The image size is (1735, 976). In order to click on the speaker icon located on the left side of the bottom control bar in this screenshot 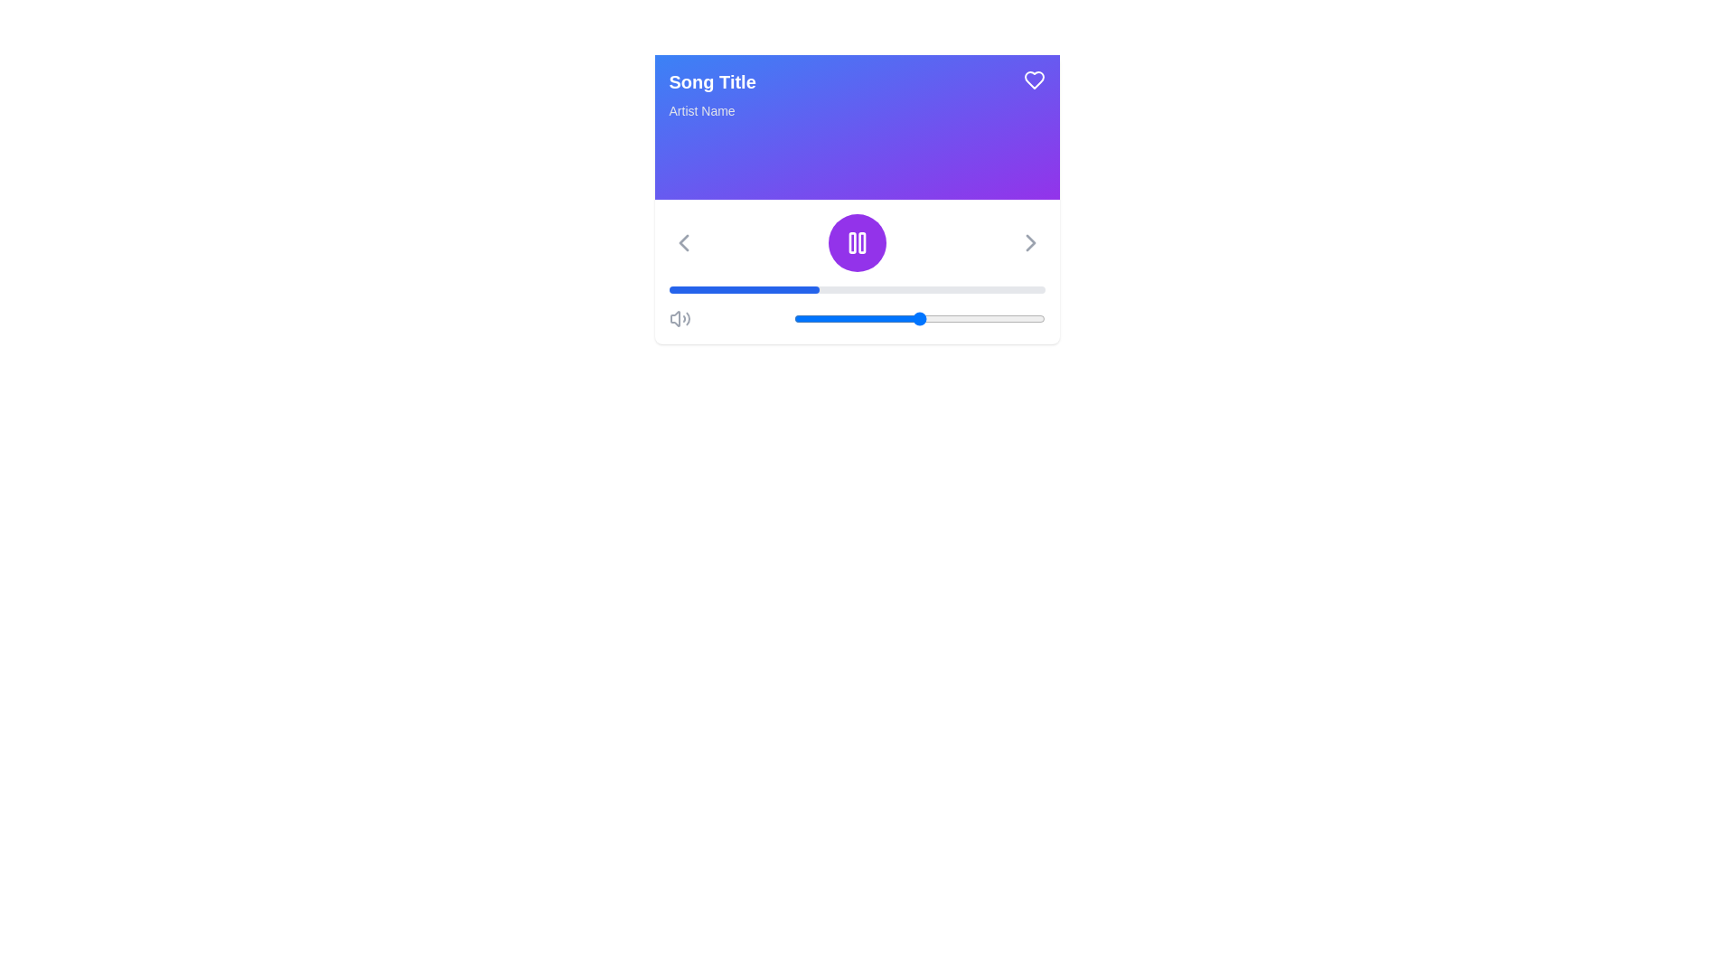, I will do `click(674, 318)`.